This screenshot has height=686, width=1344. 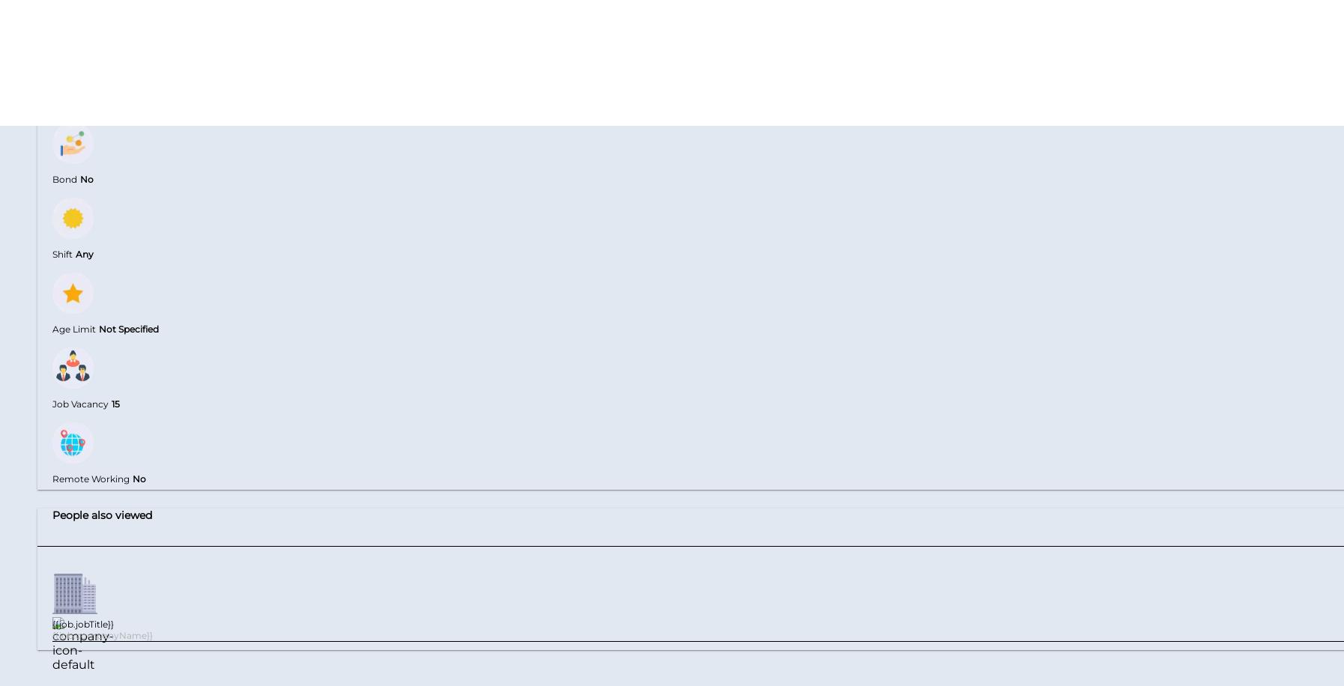 What do you see at coordinates (76, 103) in the screenshot?
I see `'Relocation'` at bounding box center [76, 103].